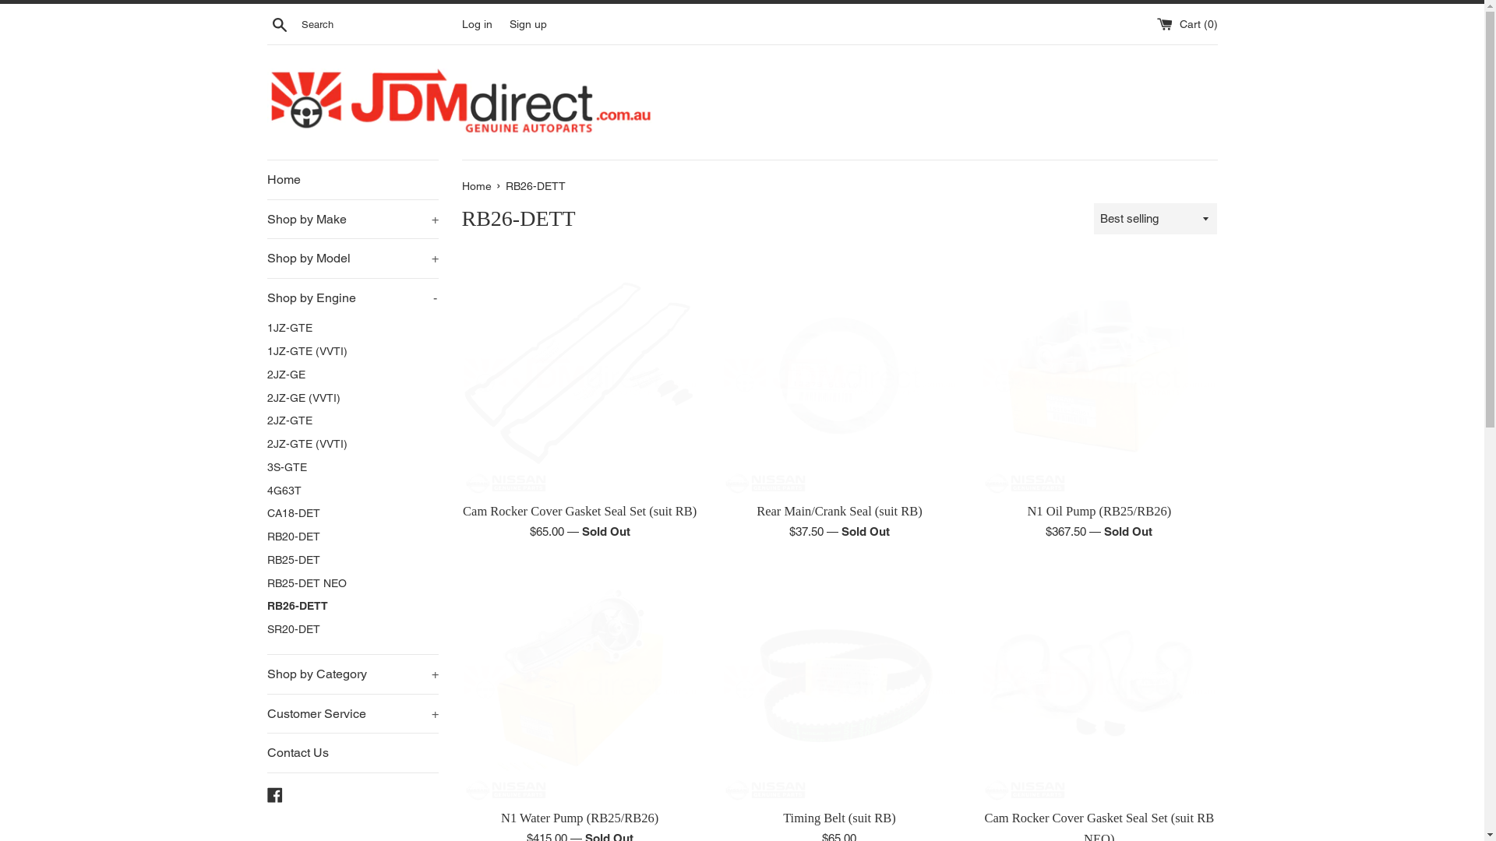 This screenshot has height=841, width=1496. I want to click on '1JZ-GTE (VVTI)', so click(351, 351).